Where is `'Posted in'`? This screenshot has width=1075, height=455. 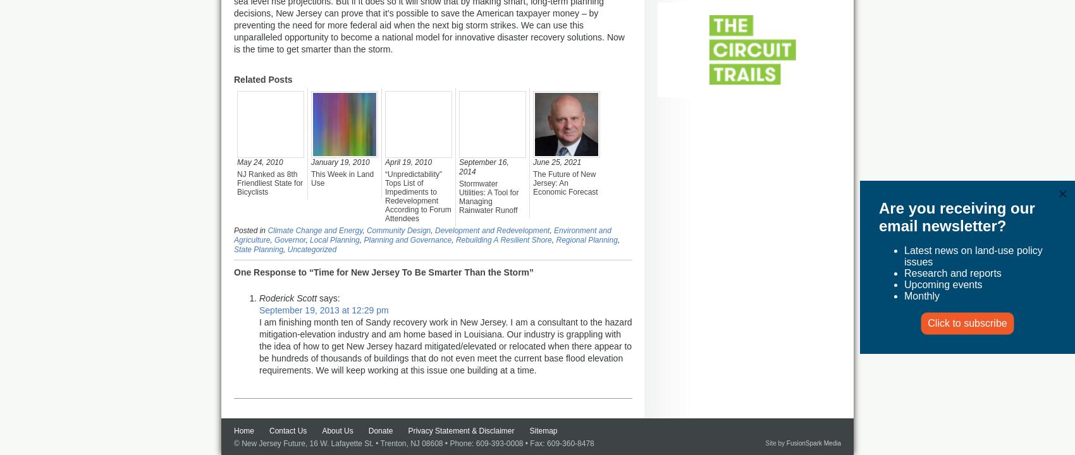 'Posted in' is located at coordinates (250, 230).